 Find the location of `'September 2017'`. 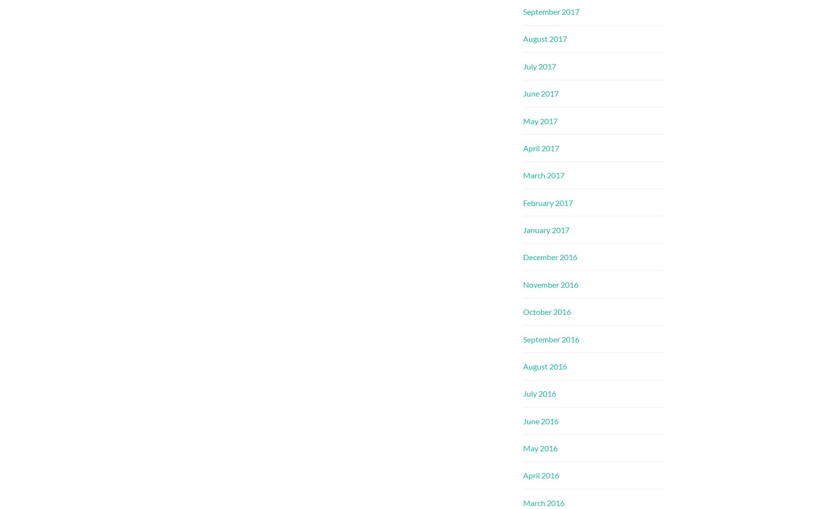

'September 2017' is located at coordinates (523, 11).